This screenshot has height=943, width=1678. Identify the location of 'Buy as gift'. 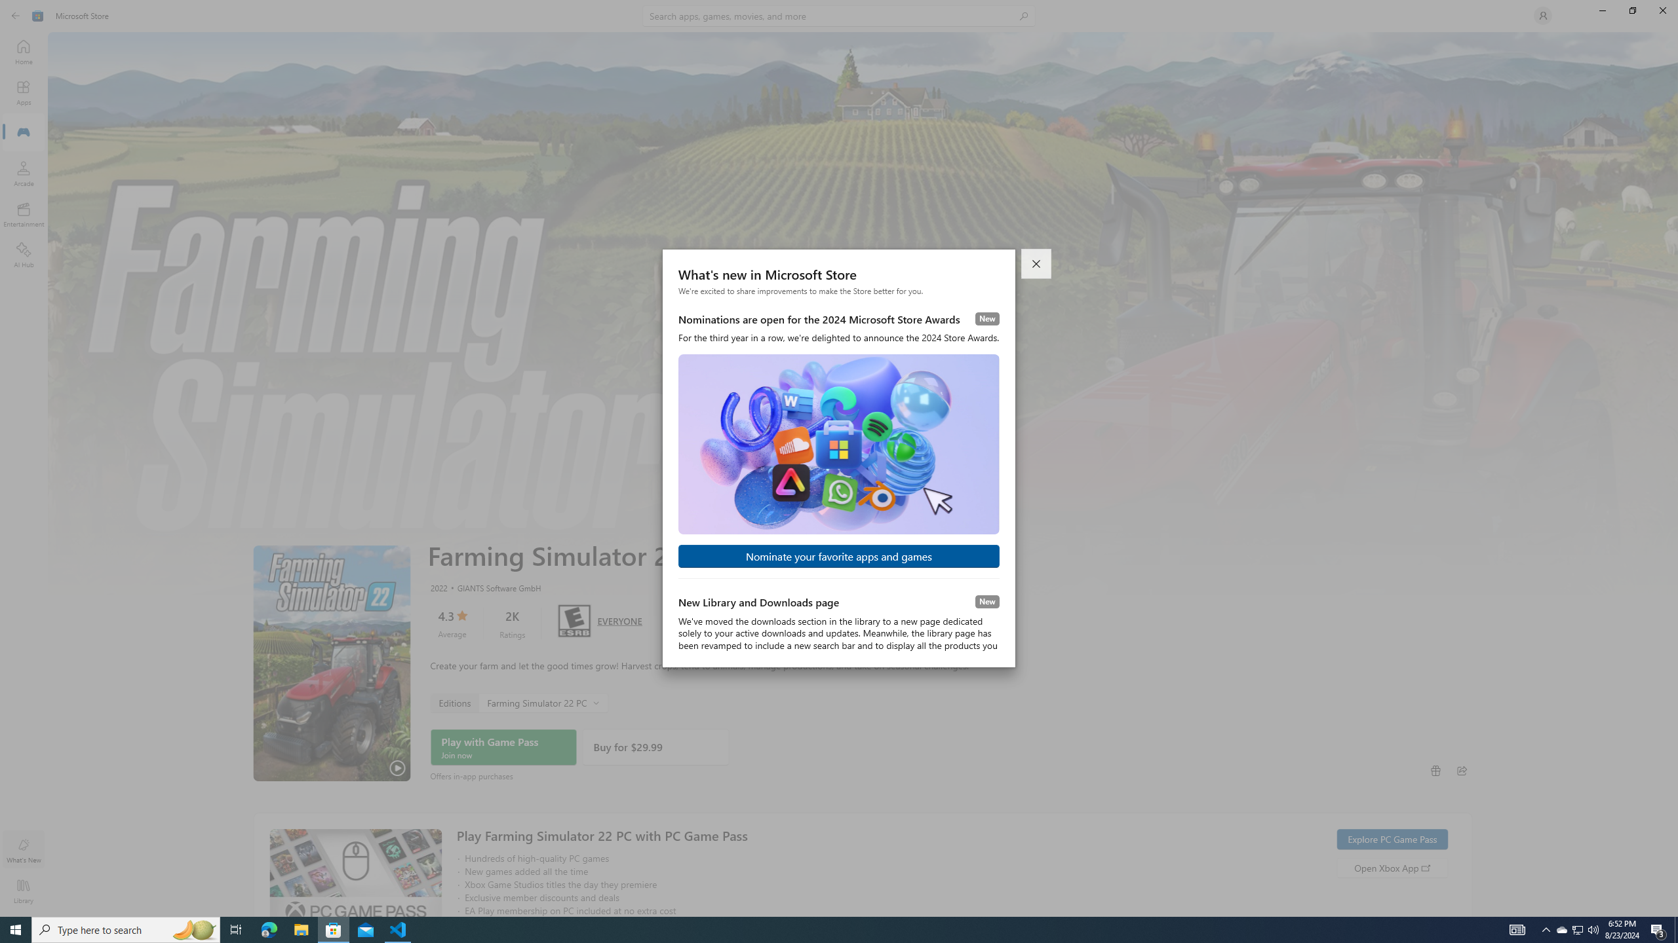
(1435, 769).